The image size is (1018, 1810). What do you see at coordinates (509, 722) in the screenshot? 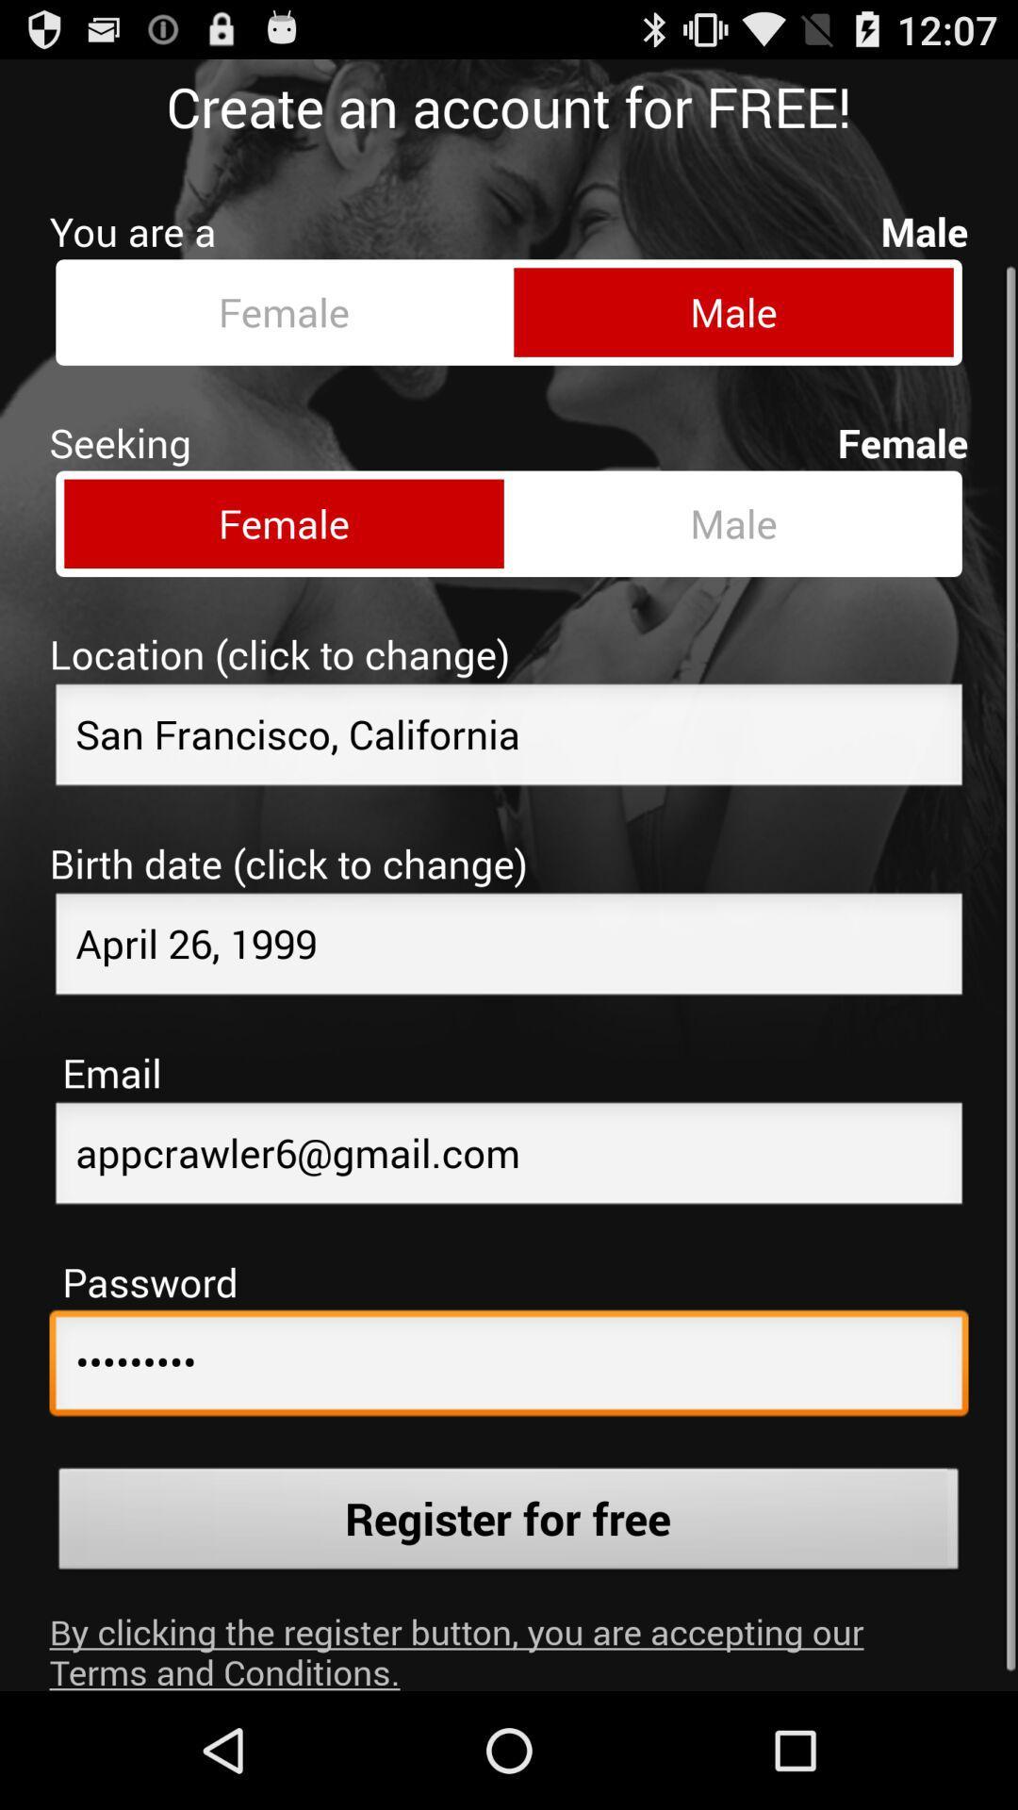
I see `current location` at bounding box center [509, 722].